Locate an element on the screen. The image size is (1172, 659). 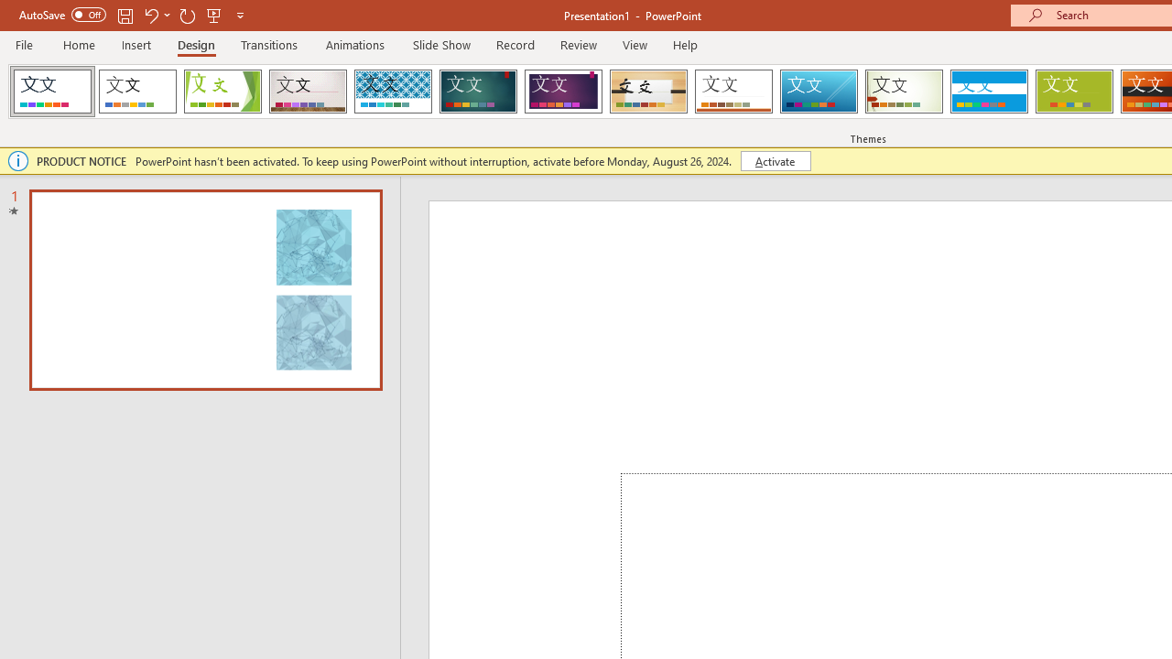
'Ion Boardroom' is located at coordinates (562, 92).